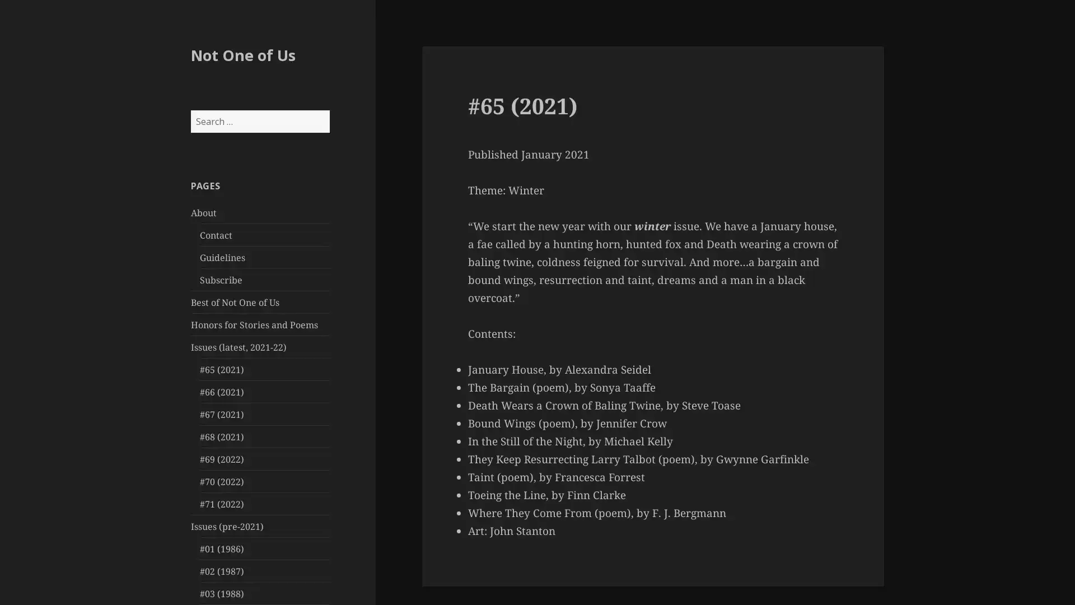 This screenshot has height=605, width=1075. I want to click on Search, so click(328, 110).